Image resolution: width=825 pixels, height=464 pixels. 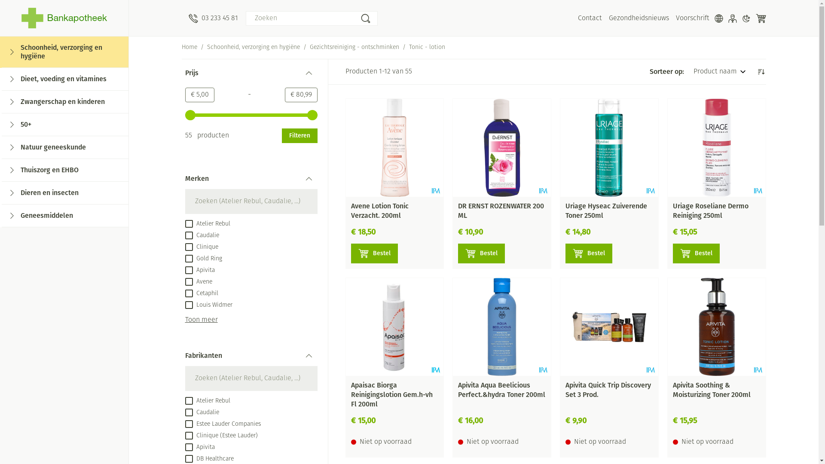 I want to click on 'on', so click(x=188, y=458).